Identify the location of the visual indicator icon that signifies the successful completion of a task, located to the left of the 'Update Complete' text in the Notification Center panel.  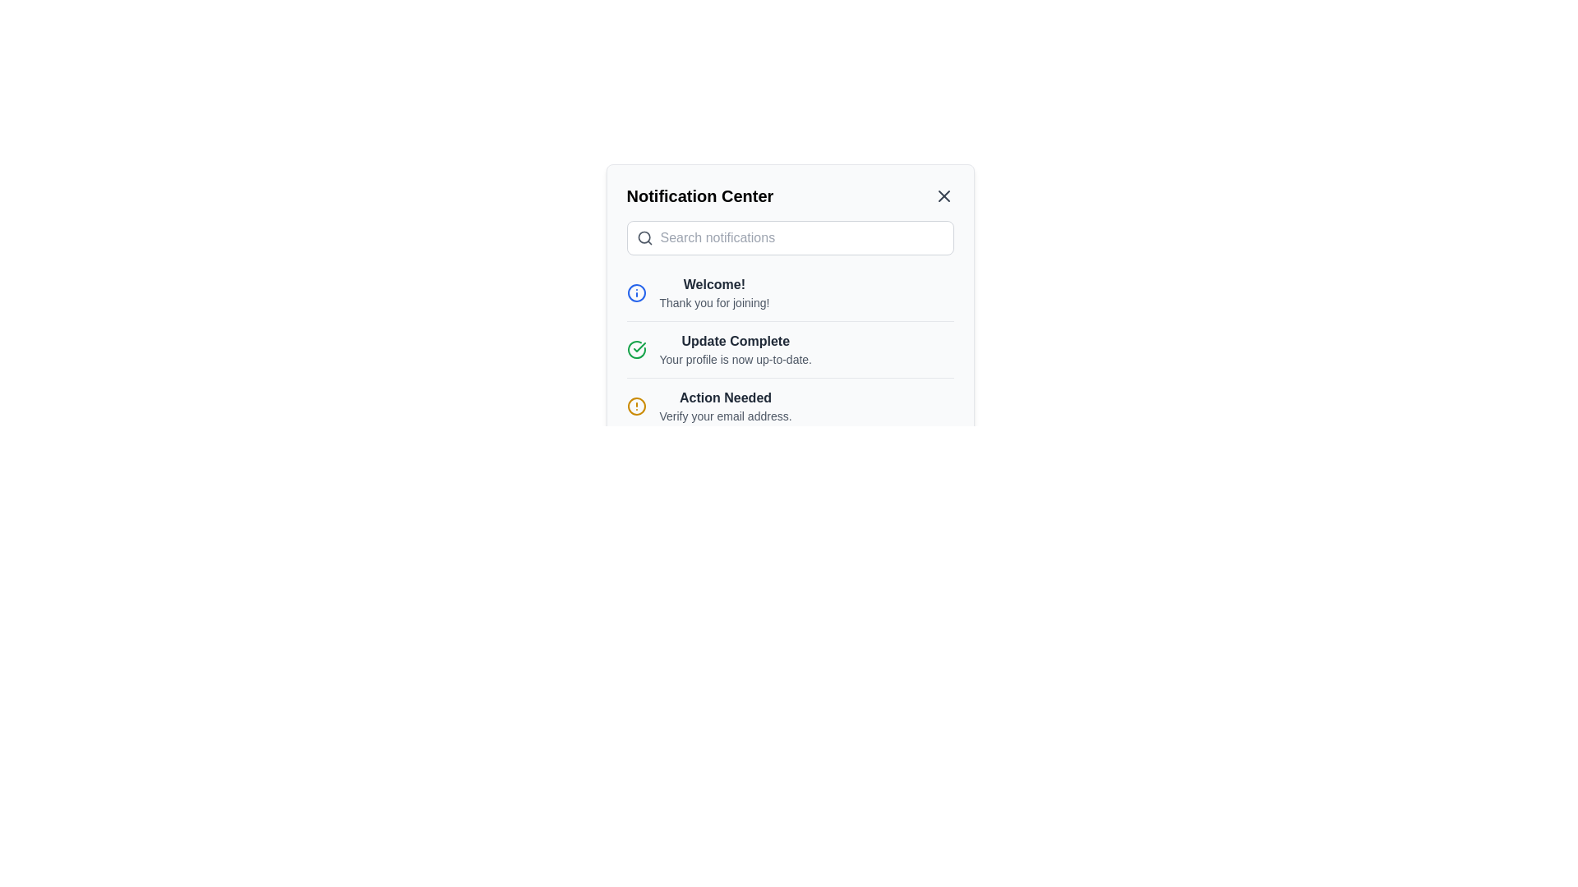
(635, 348).